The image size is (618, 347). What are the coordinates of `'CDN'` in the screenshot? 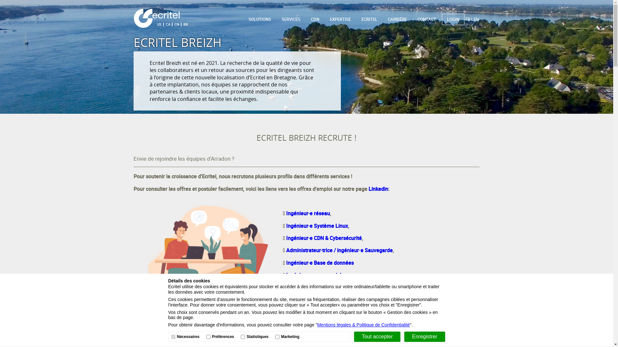 It's located at (315, 19).